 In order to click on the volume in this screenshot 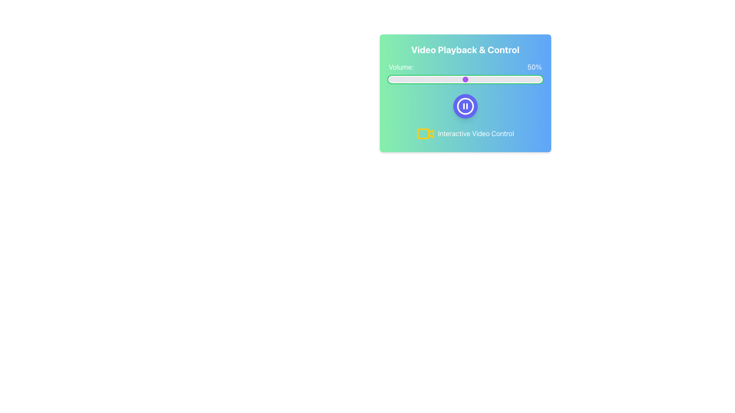, I will do `click(408, 80)`.